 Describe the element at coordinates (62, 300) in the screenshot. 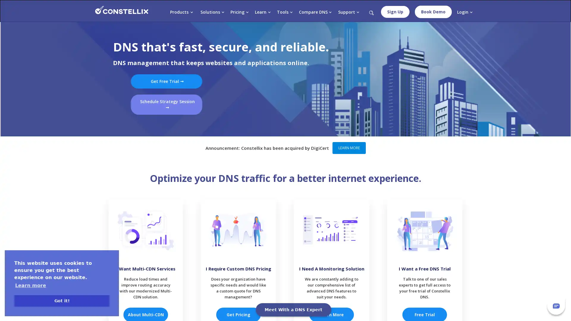

I see `dismiss cookie message` at that location.